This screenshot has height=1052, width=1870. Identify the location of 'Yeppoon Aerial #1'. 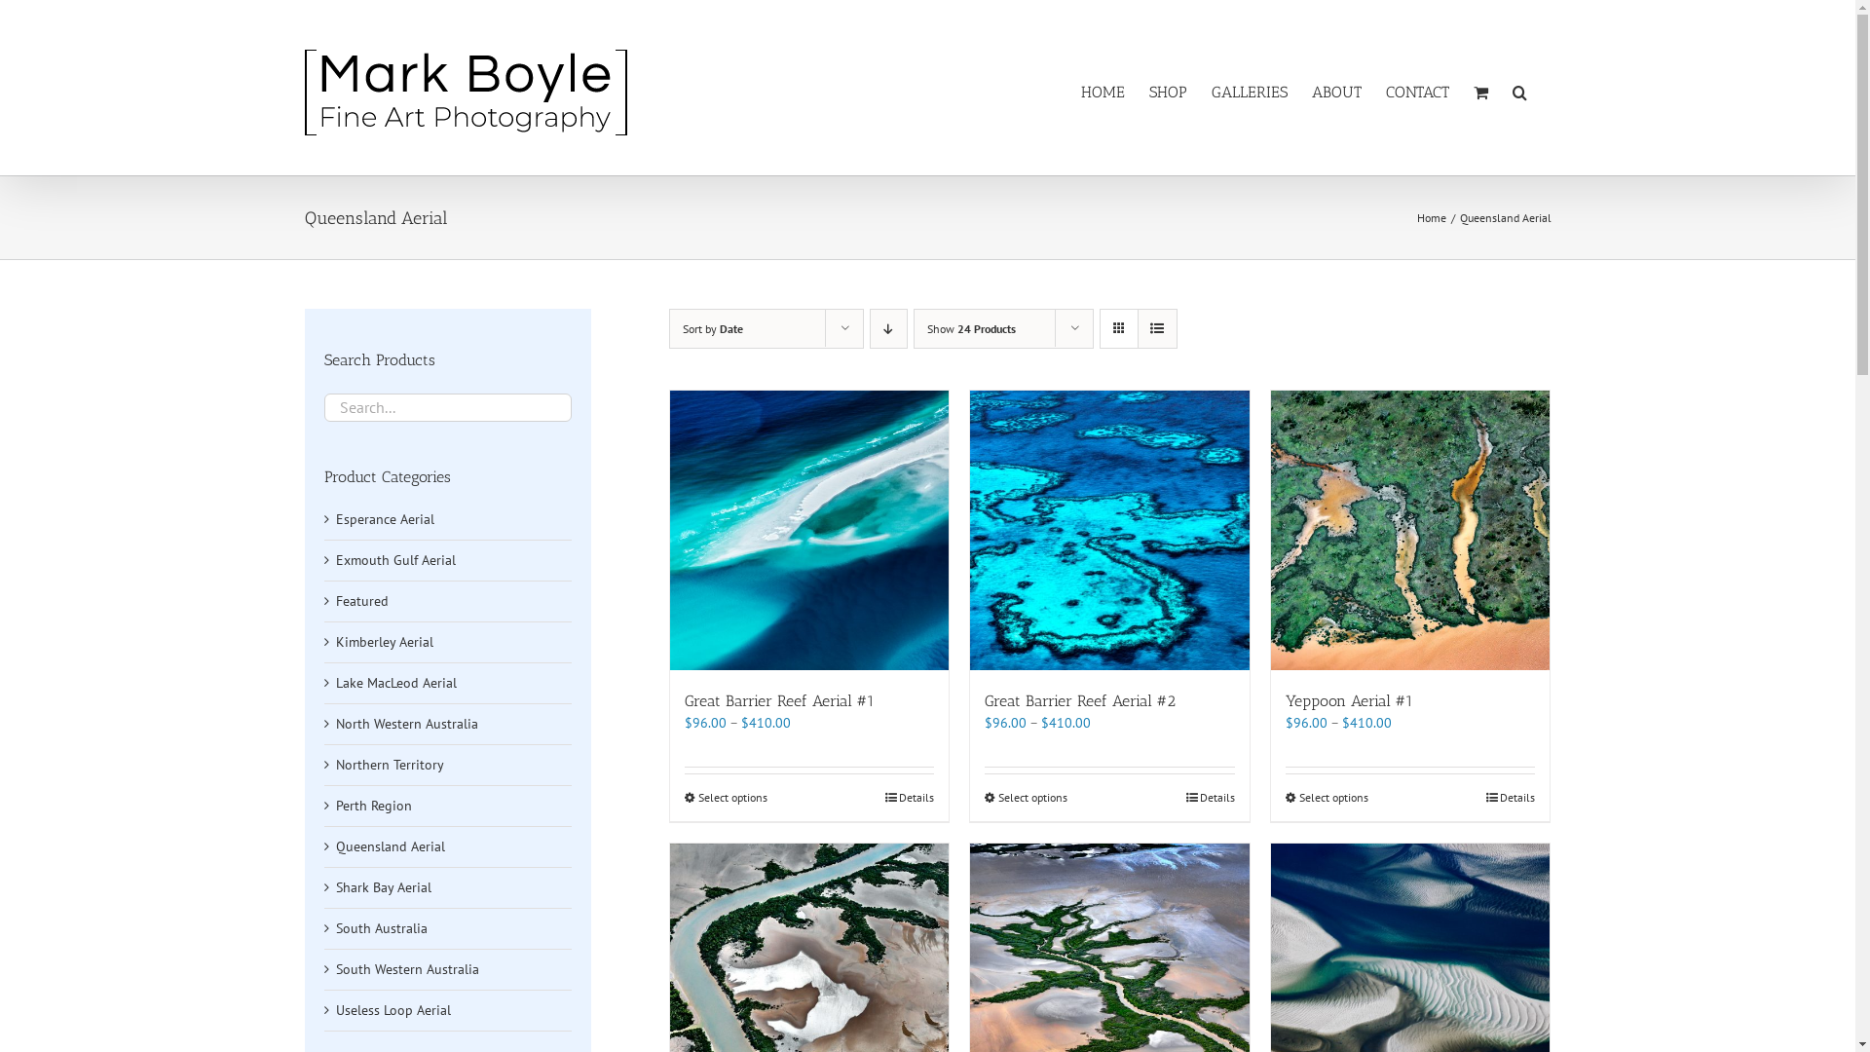
(1348, 699).